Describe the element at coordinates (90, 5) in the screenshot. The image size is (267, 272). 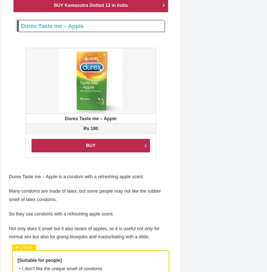
I see `'BUY Kamasutra Dotted 12 in India'` at that location.